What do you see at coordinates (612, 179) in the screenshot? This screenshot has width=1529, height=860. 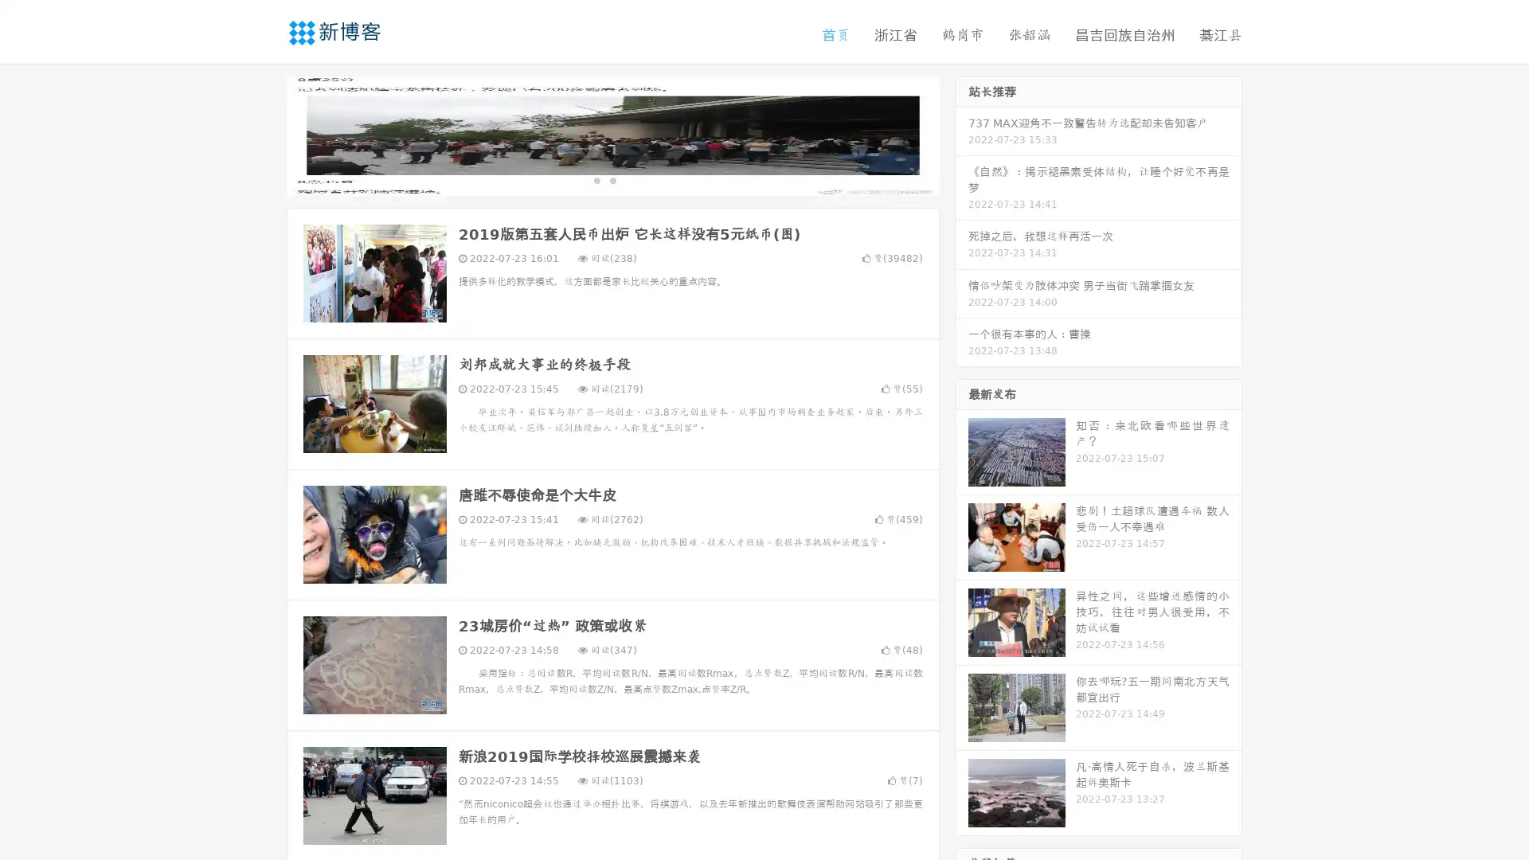 I see `Go to slide 2` at bounding box center [612, 179].